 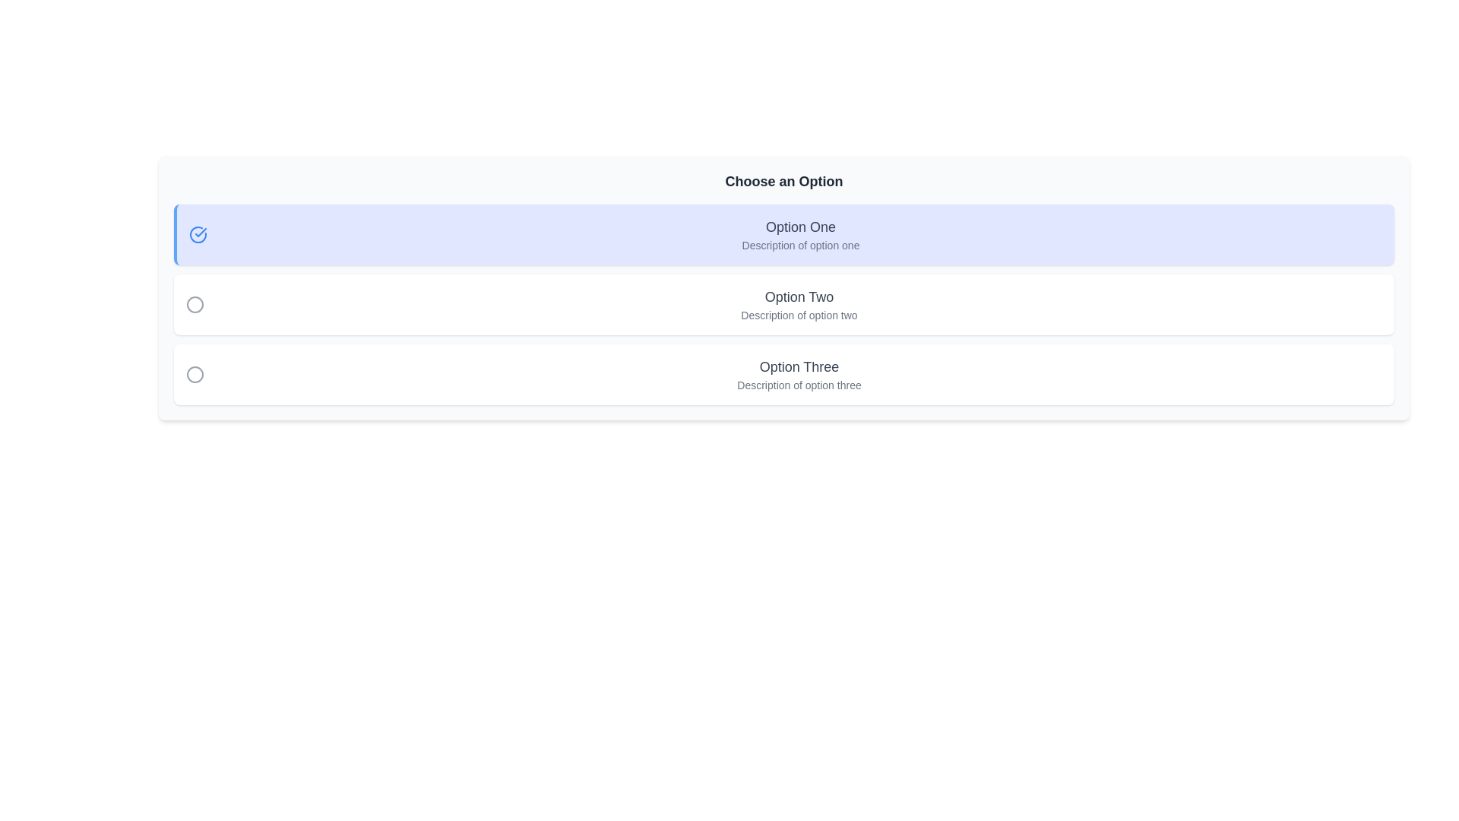 I want to click on the text label reading 'Description of option two', which is styled in a smaller font size and gray color, located beneath the title 'Option Two', so click(x=798, y=315).